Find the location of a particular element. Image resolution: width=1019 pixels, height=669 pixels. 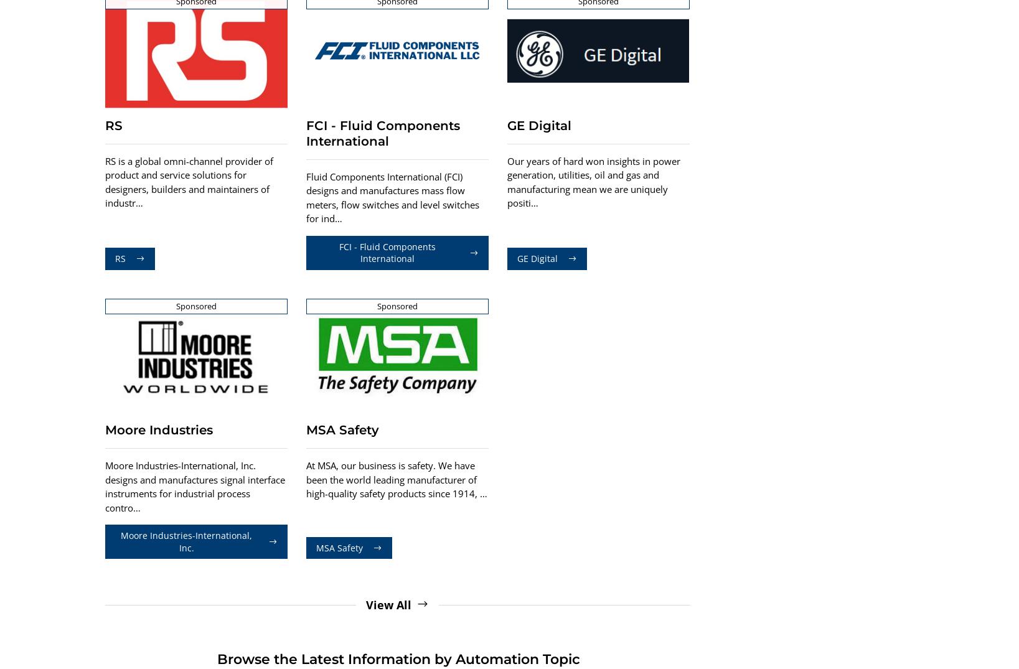

'Our years of hard won insights in power generation, utilities, oil and gas and manufacturing mean we are uniquely positi…' is located at coordinates (594, 181).